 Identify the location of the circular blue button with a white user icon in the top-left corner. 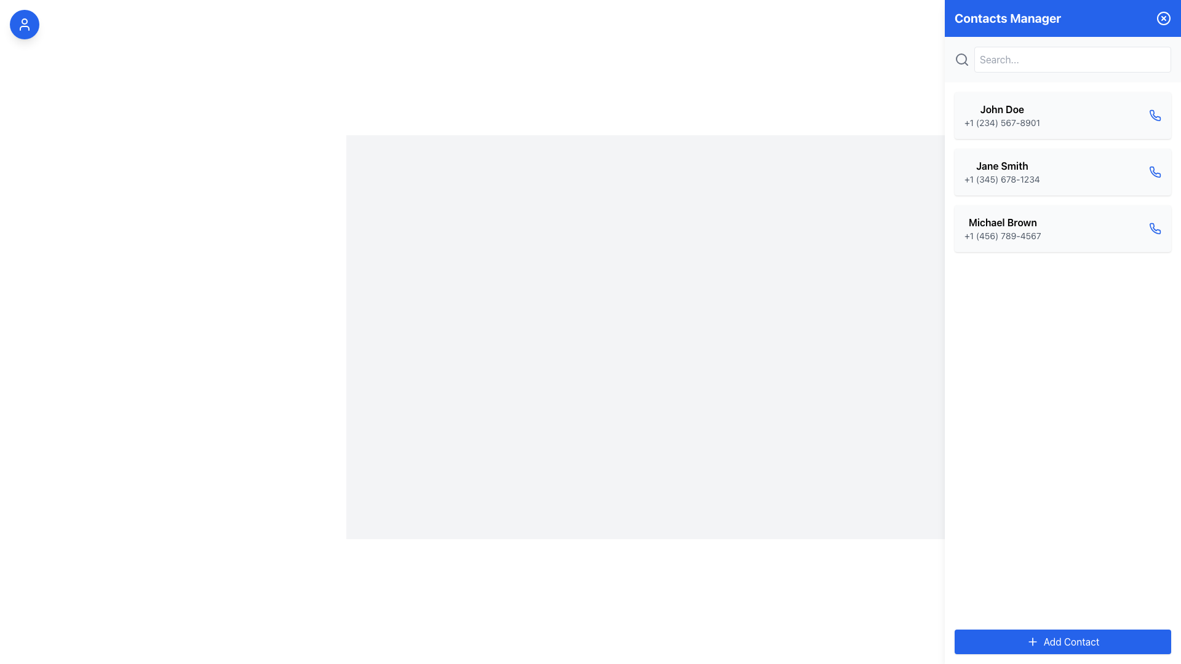
(24, 24).